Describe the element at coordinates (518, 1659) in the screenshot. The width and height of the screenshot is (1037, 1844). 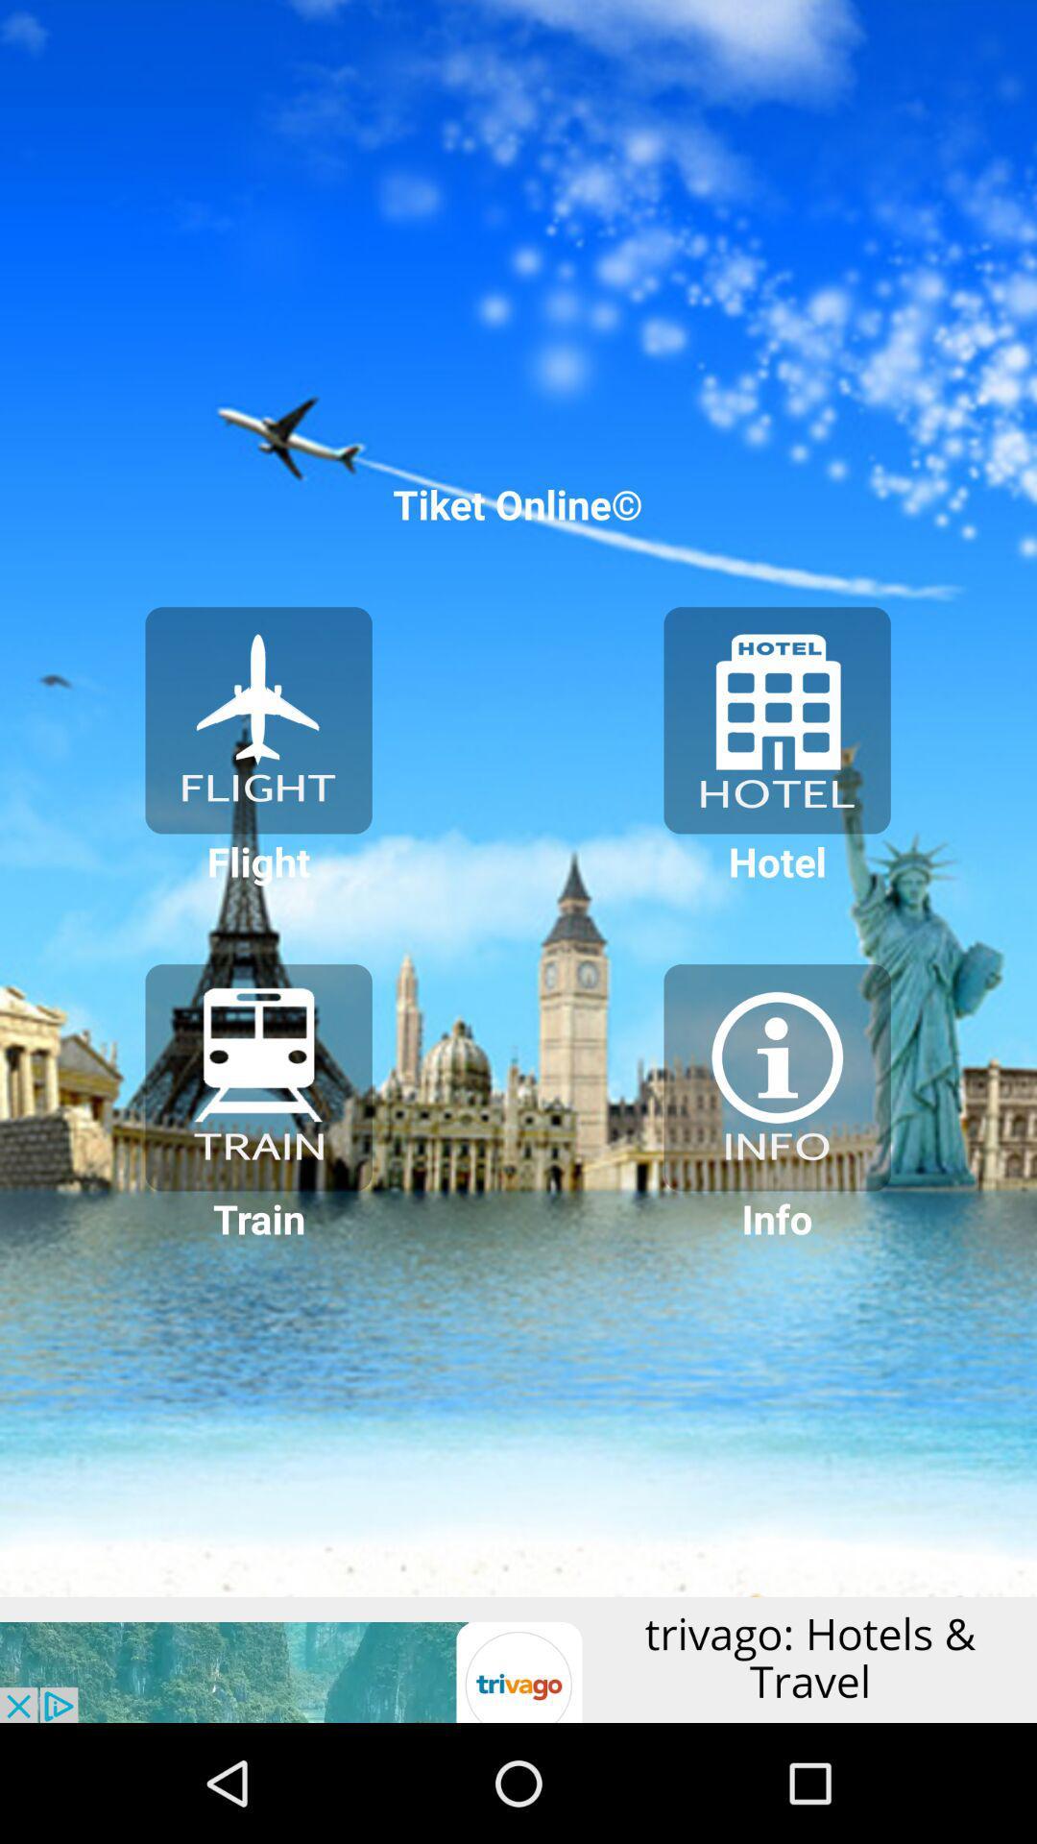
I see `advertisement` at that location.